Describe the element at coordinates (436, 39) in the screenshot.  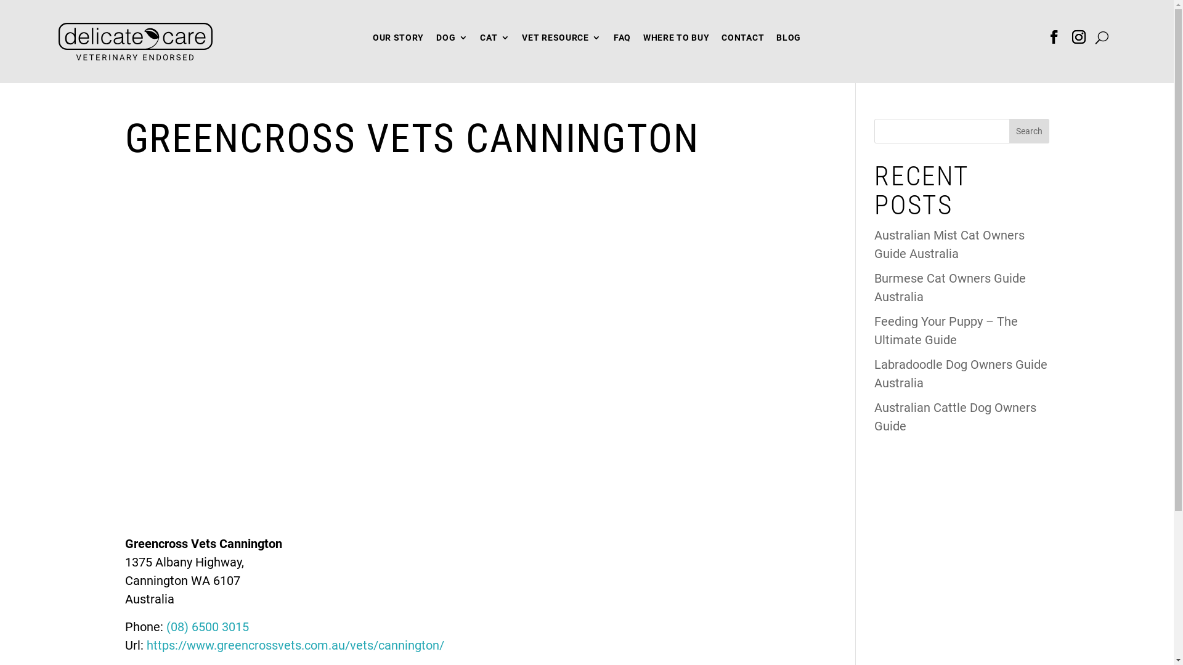
I see `'DOG'` at that location.